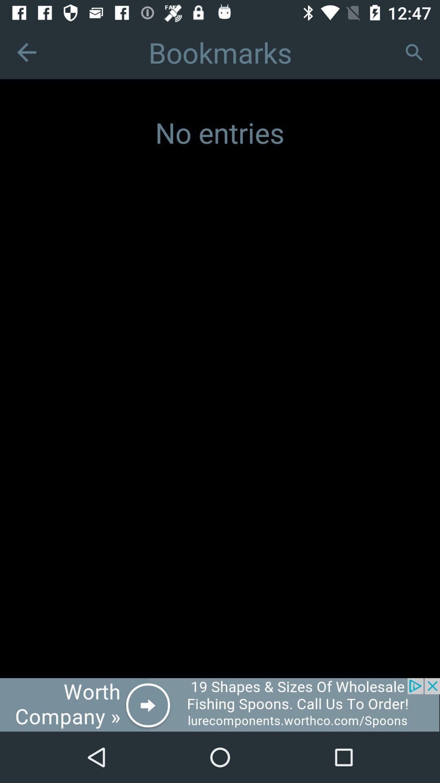 The height and width of the screenshot is (783, 440). I want to click on advertisement area, so click(220, 704).